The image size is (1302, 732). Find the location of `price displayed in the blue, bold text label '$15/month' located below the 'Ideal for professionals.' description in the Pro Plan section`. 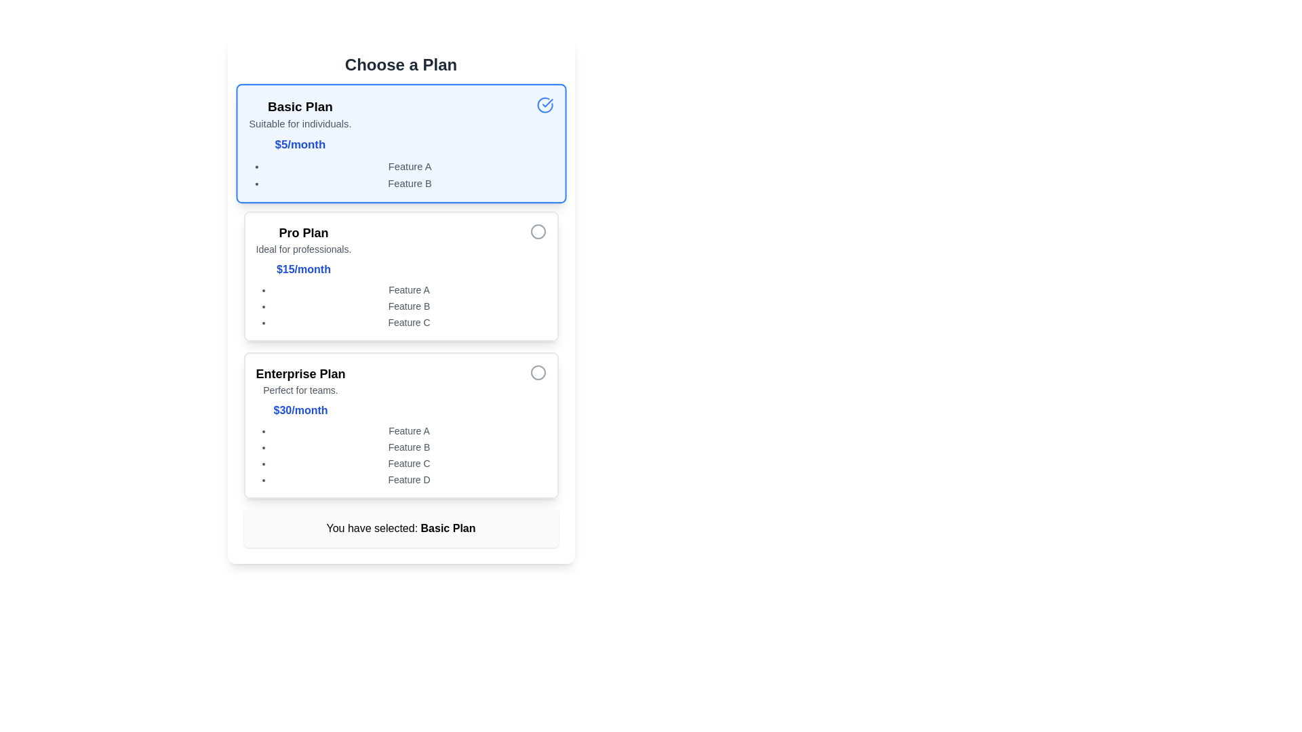

price displayed in the blue, bold text label '$15/month' located below the 'Ideal for professionals.' description in the Pro Plan section is located at coordinates (302, 269).